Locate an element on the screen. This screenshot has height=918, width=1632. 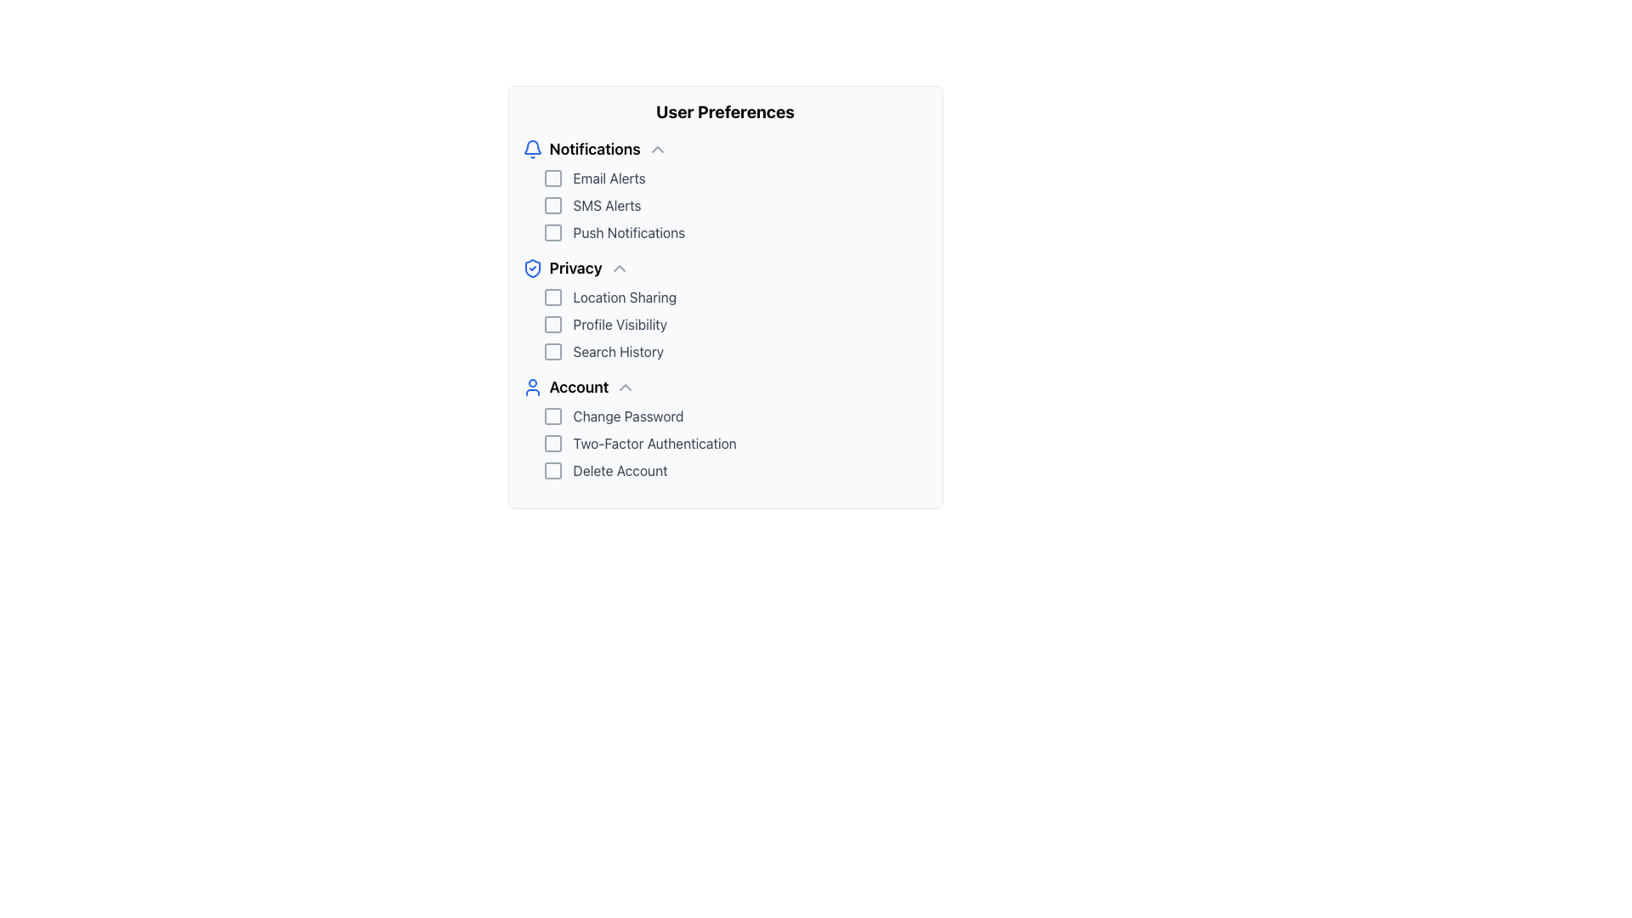
the text label that describes the 'Profile Visibility' setting, which is positioned to the right of the adjacent checkbox icon in the 'Privacy' section is located at coordinates (619, 324).